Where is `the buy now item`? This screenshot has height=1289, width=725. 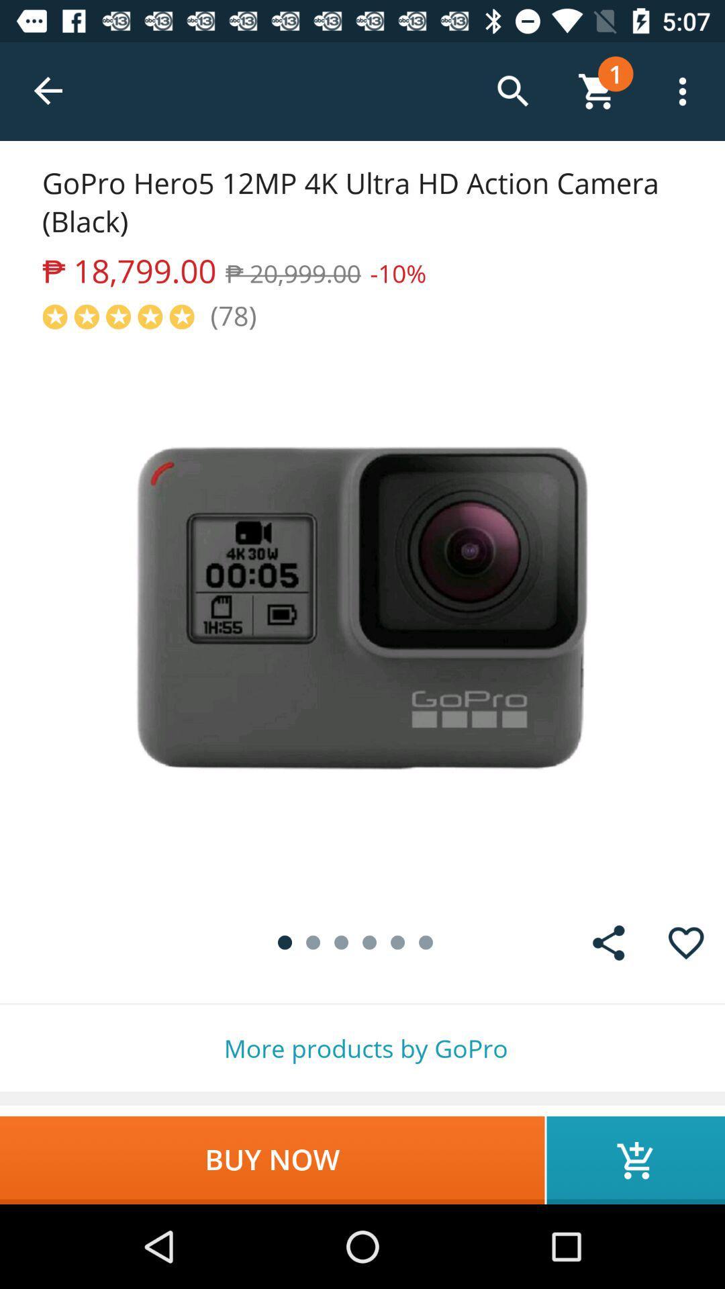
the buy now item is located at coordinates (272, 1159).